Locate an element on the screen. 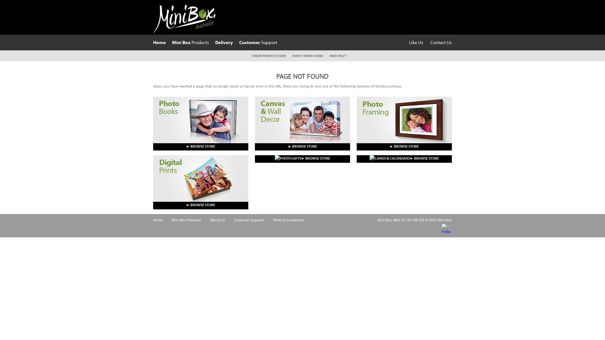 The height and width of the screenshot is (340, 605). 'NEED HELP ?' is located at coordinates (338, 55).